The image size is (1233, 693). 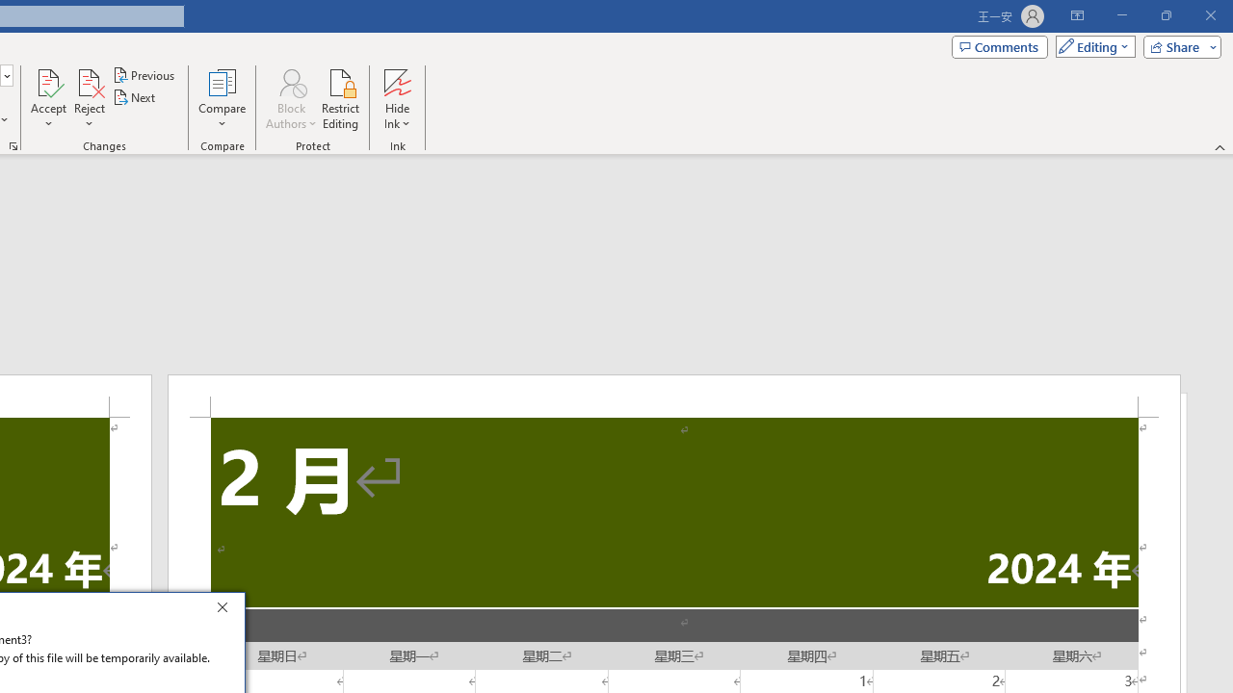 I want to click on 'Hide Ink', so click(x=396, y=99).